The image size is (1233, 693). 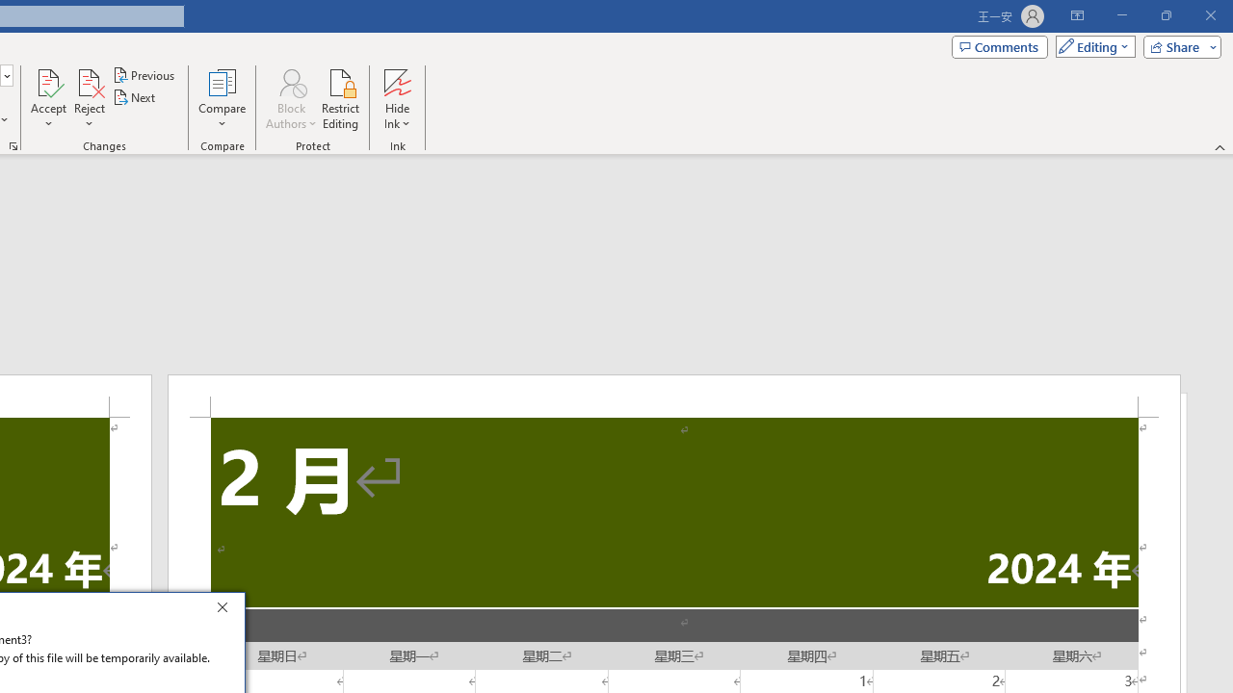 I want to click on 'Hide Ink', so click(x=396, y=99).